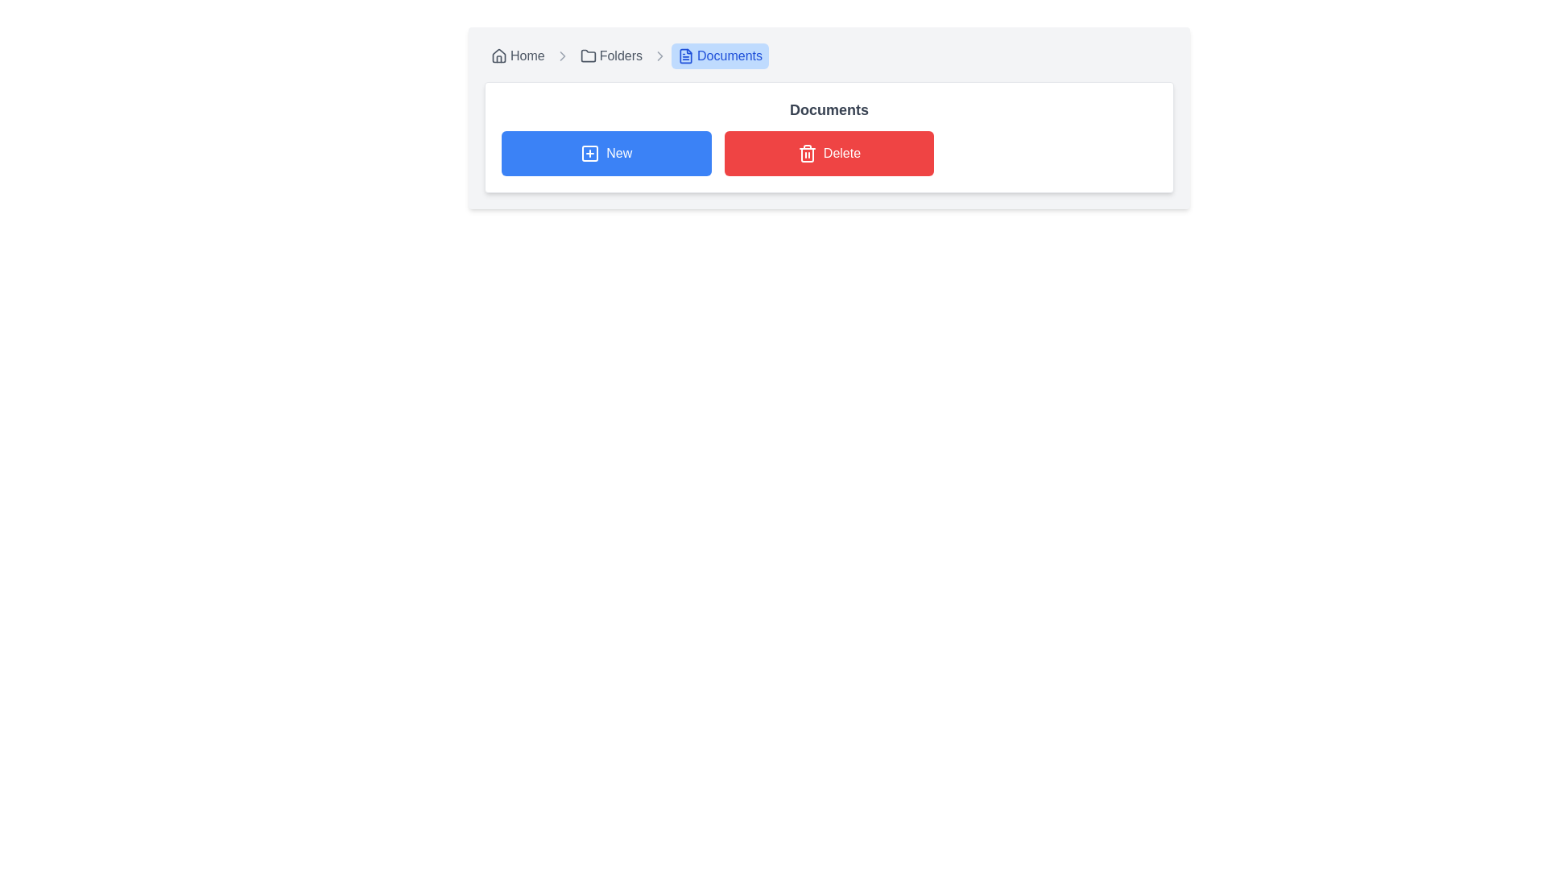 This screenshot has width=1546, height=869. Describe the element at coordinates (587, 55) in the screenshot. I see `the breadcrumb navigation icon that visually represents the 'Folders' section, positioned between 'Home' and 'Documents'` at that location.